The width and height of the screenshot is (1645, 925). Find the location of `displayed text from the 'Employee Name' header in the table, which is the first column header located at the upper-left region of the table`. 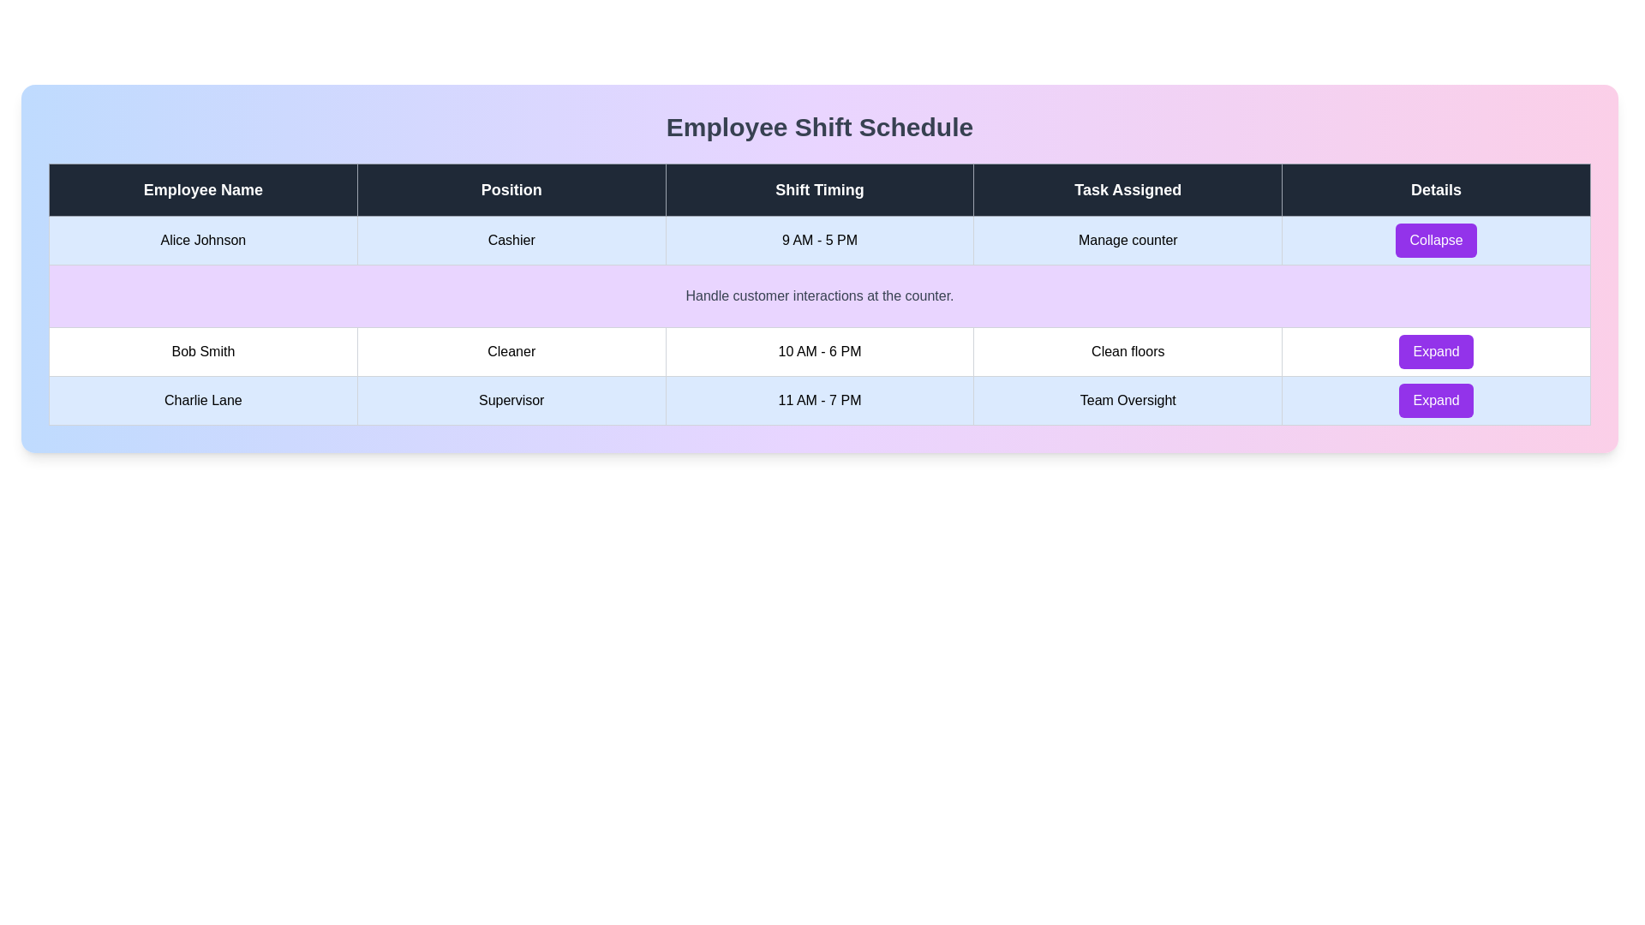

displayed text from the 'Employee Name' header in the table, which is the first column header located at the upper-left region of the table is located at coordinates (203, 190).